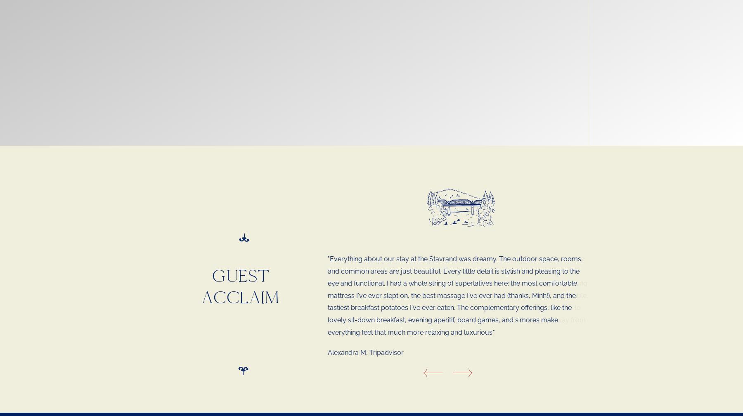 The width and height of the screenshot is (743, 416). What do you see at coordinates (455, 295) in the screenshot?
I see `'"Everything about our stay at the Stavrand was dreamy. The outdoor space, rooms, and common areas are just beautiful. Every little detail is stylish and pleasing to the eye and functional. I had a whole string of superlatives here: the most comfortable mattress I've ever slept on, the best massage I've ever had (thanks, Minh!), and the tastiest breakfast potatoes I've ever eaten. The complementary offerings, like the lovely sit-down breakfast, evening apéritif, board games, and s'mores make everything feel that much more relaxing and luxurious."'` at bounding box center [455, 295].